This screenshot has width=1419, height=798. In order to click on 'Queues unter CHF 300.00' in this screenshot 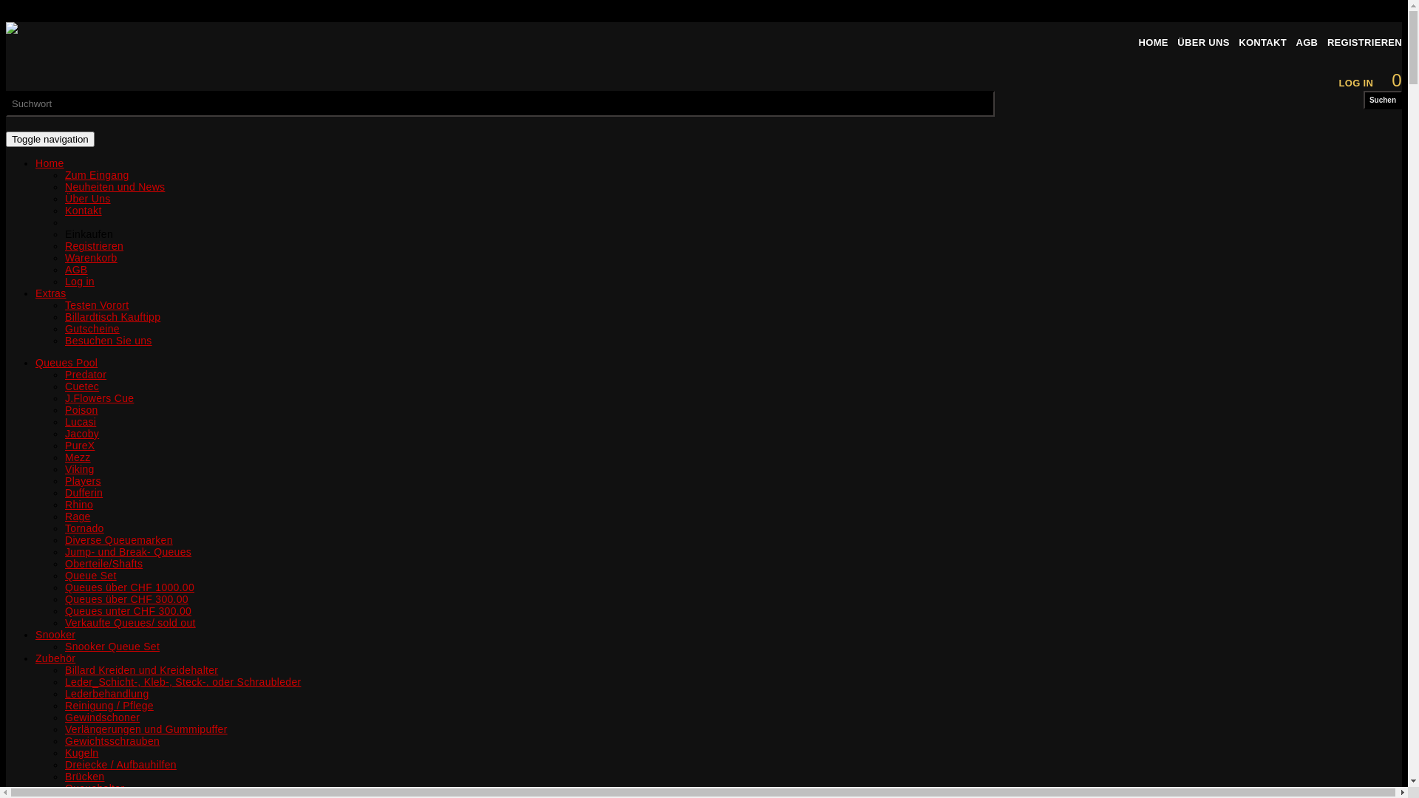, I will do `click(128, 610)`.